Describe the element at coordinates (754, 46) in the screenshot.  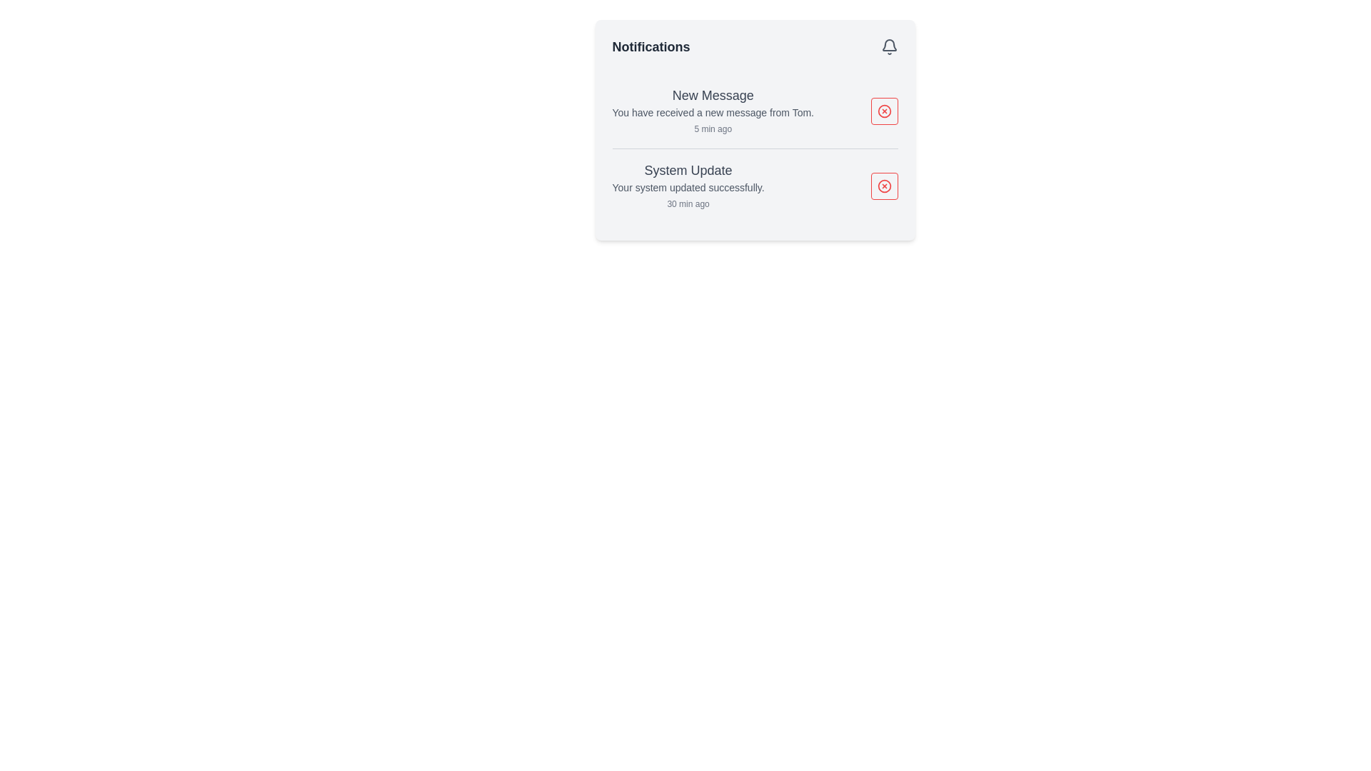
I see `the bell icon located in the header of the notifications panel, which serves as a title for the notifications content` at that location.